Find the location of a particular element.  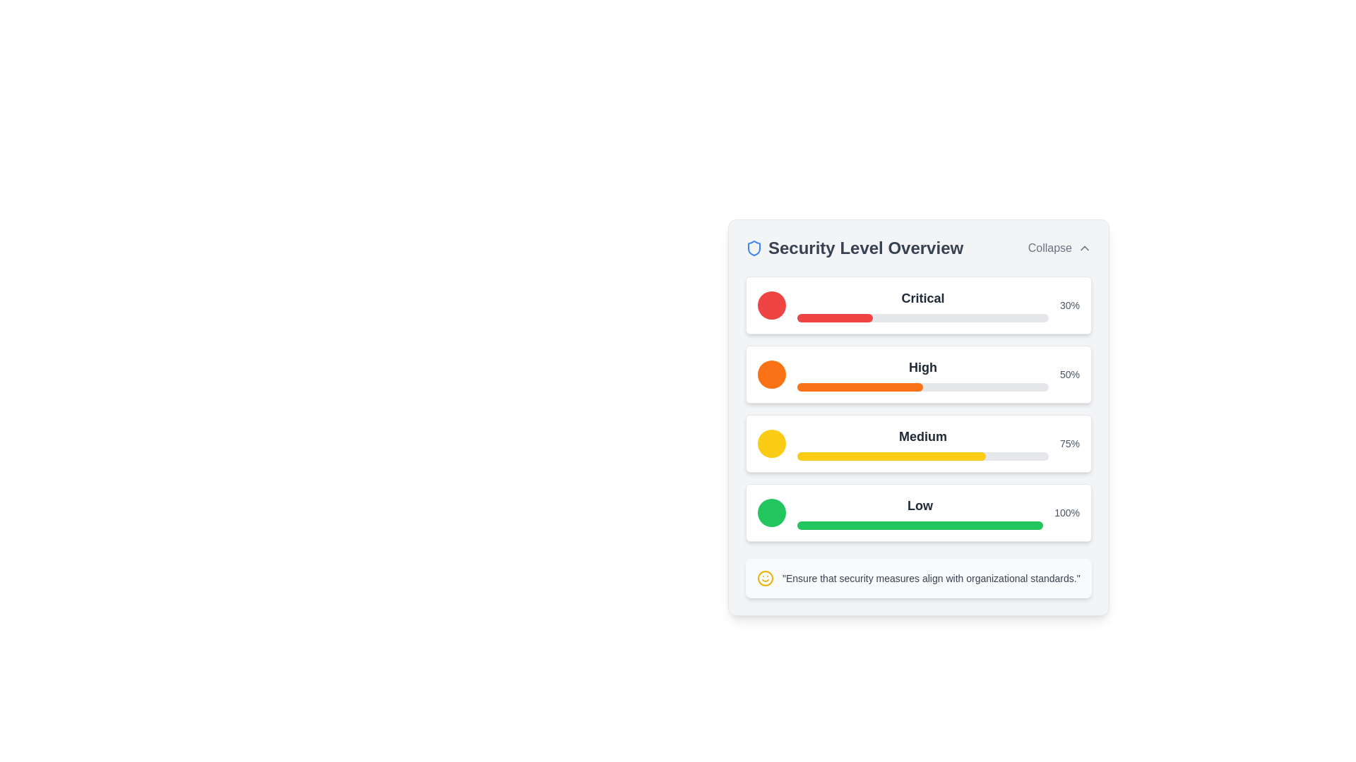

the progress bar with rounded ends, which is located under the text label 'High', indicating a 50% progress level is located at coordinates (922, 387).